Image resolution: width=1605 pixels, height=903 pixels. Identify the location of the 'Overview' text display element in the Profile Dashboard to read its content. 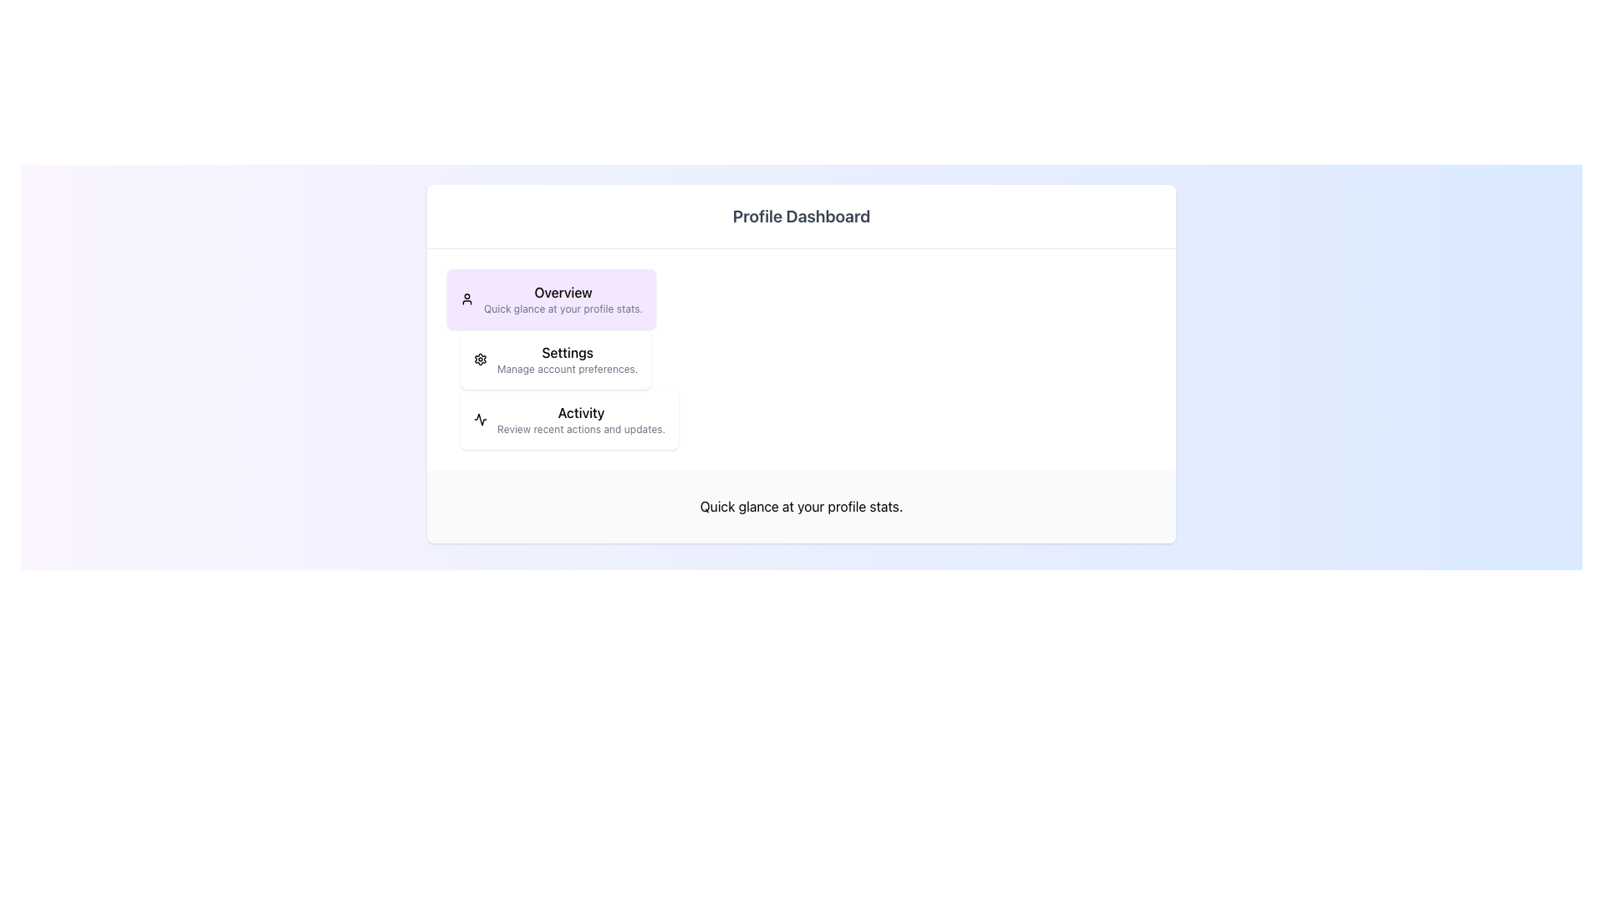
(563, 298).